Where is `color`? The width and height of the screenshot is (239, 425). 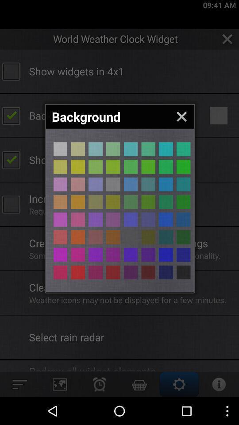 color is located at coordinates (183, 149).